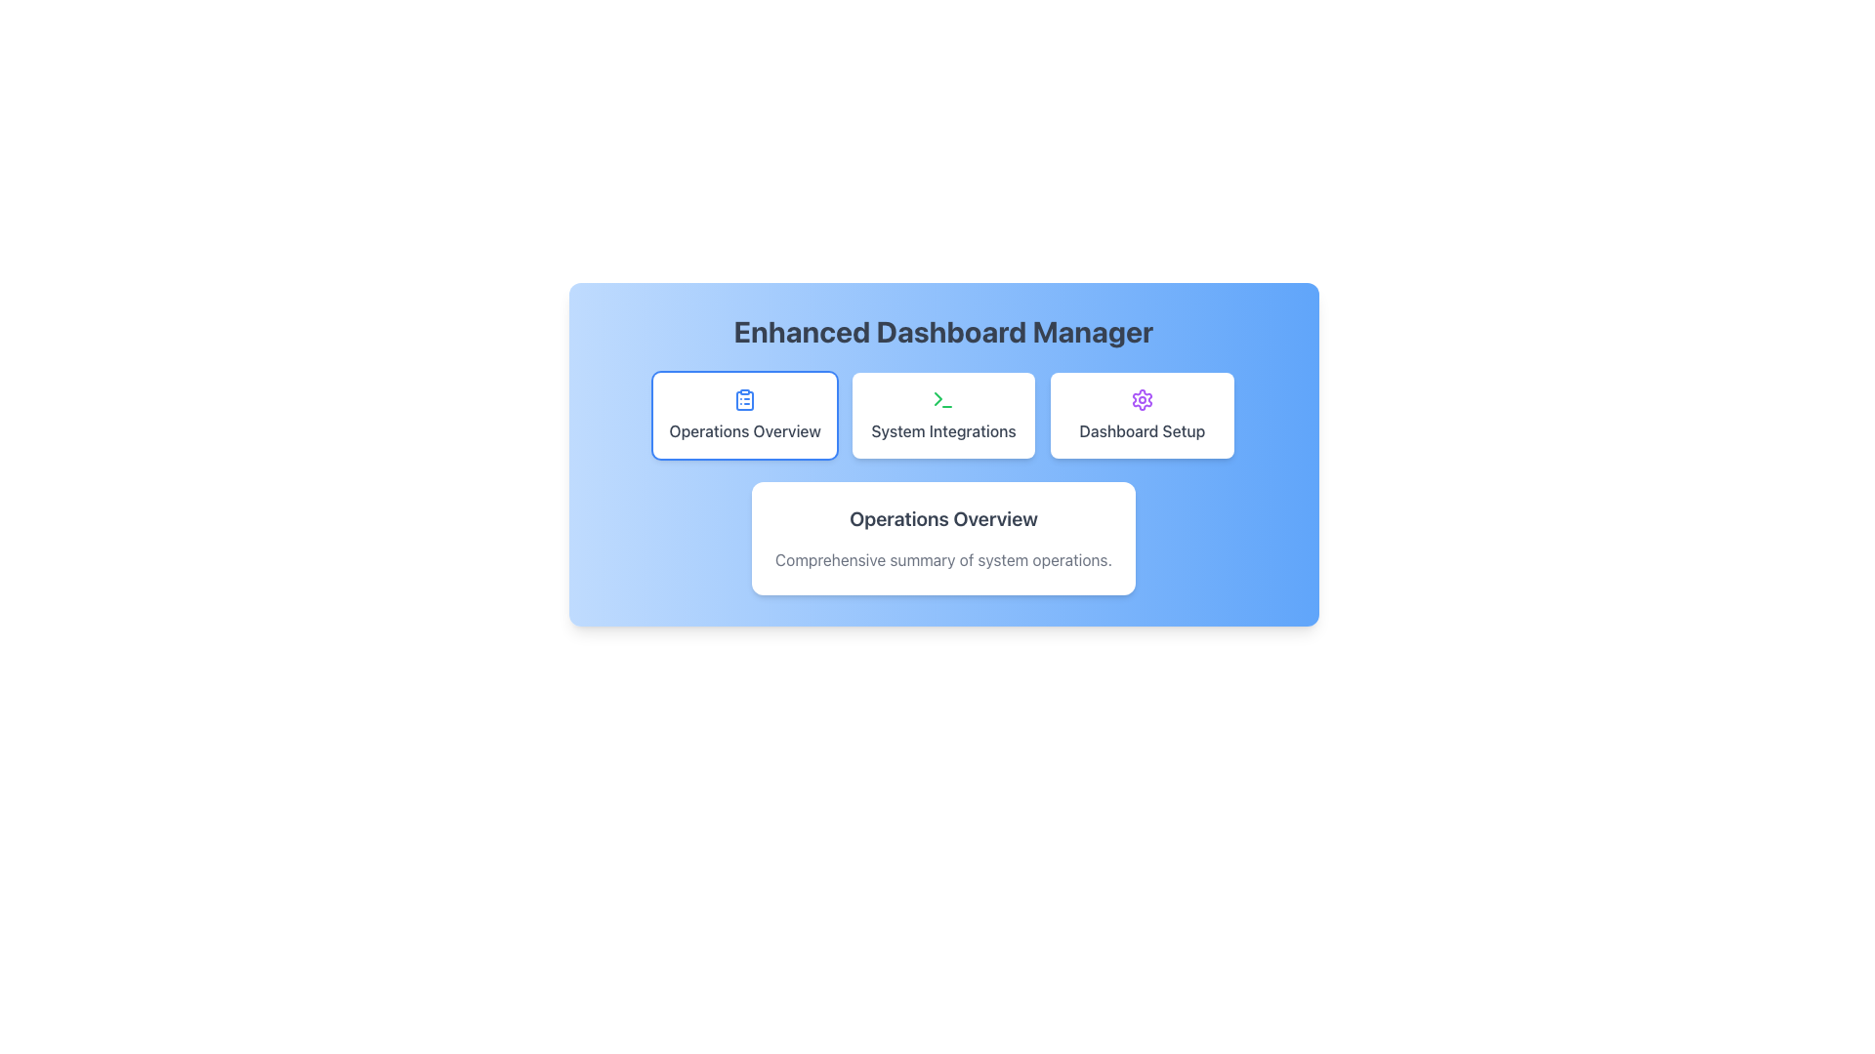  I want to click on the text label located at the top of the dashboard, which serves as the title or header for the current section, so click(943, 330).